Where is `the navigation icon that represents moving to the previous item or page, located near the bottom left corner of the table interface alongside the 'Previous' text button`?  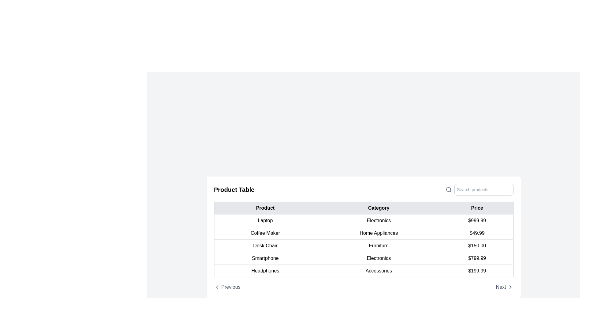
the navigation icon that represents moving to the previous item or page, located near the bottom left corner of the table interface alongside the 'Previous' text button is located at coordinates (217, 287).